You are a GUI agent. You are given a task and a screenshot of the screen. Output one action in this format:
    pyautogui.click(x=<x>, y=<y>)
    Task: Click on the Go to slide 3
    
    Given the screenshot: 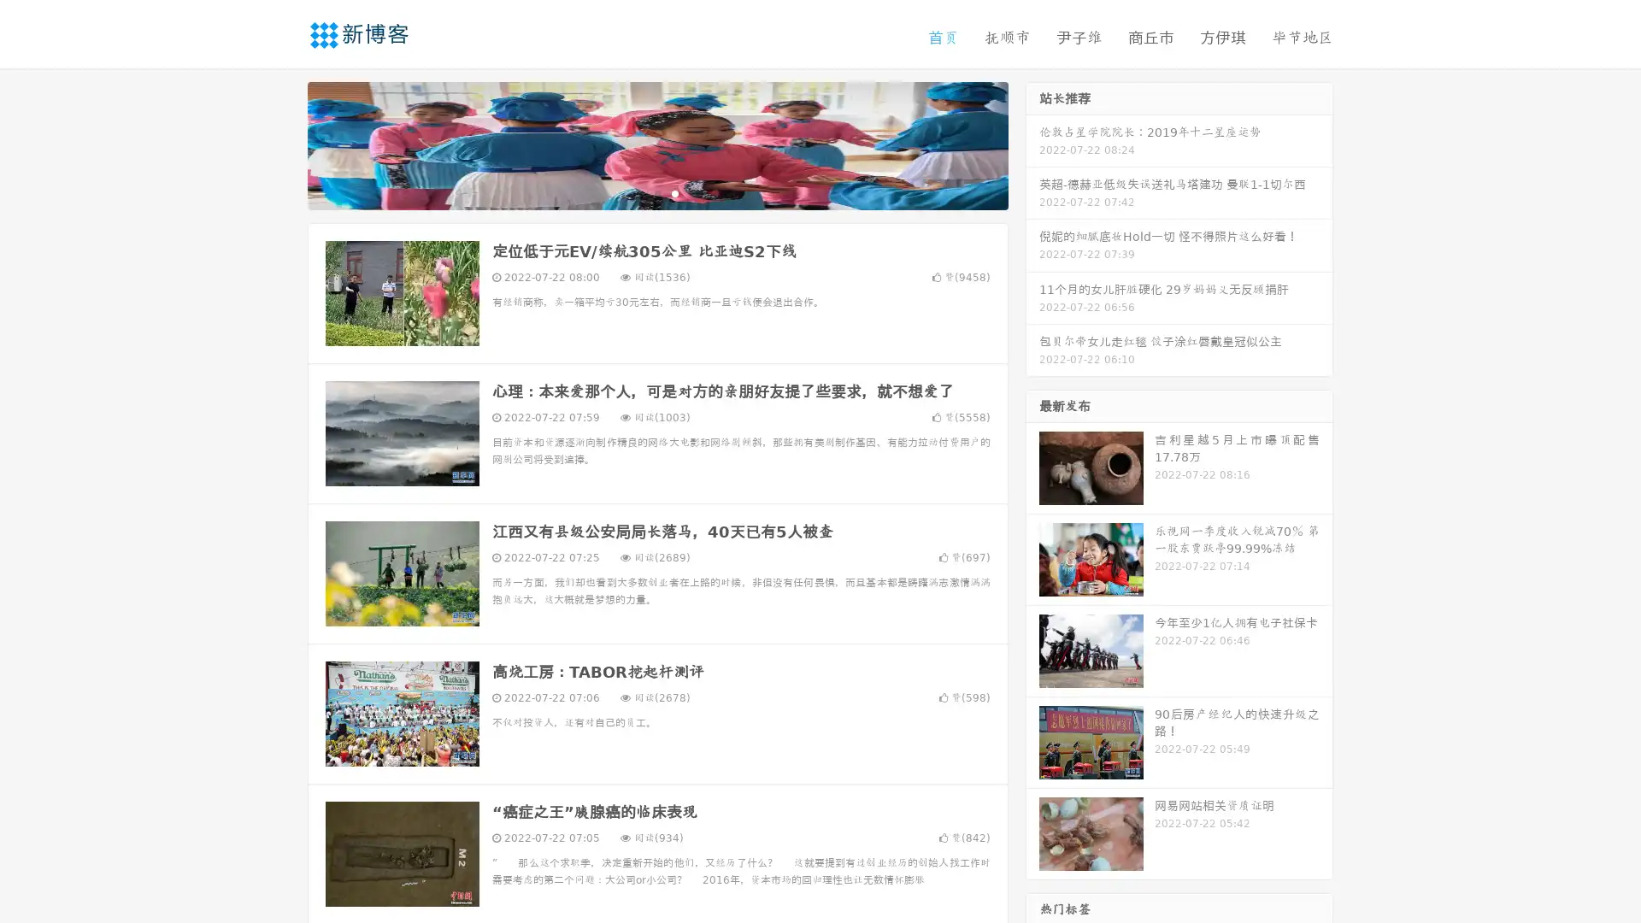 What is the action you would take?
    pyautogui.click(x=674, y=192)
    